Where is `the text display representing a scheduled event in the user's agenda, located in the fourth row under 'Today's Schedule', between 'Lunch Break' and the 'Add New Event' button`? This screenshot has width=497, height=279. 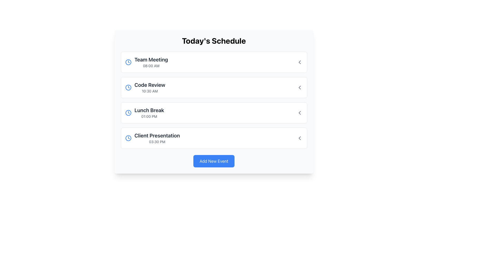 the text display representing a scheduled event in the user's agenda, located in the fourth row under 'Today's Schedule', between 'Lunch Break' and the 'Add New Event' button is located at coordinates (157, 138).